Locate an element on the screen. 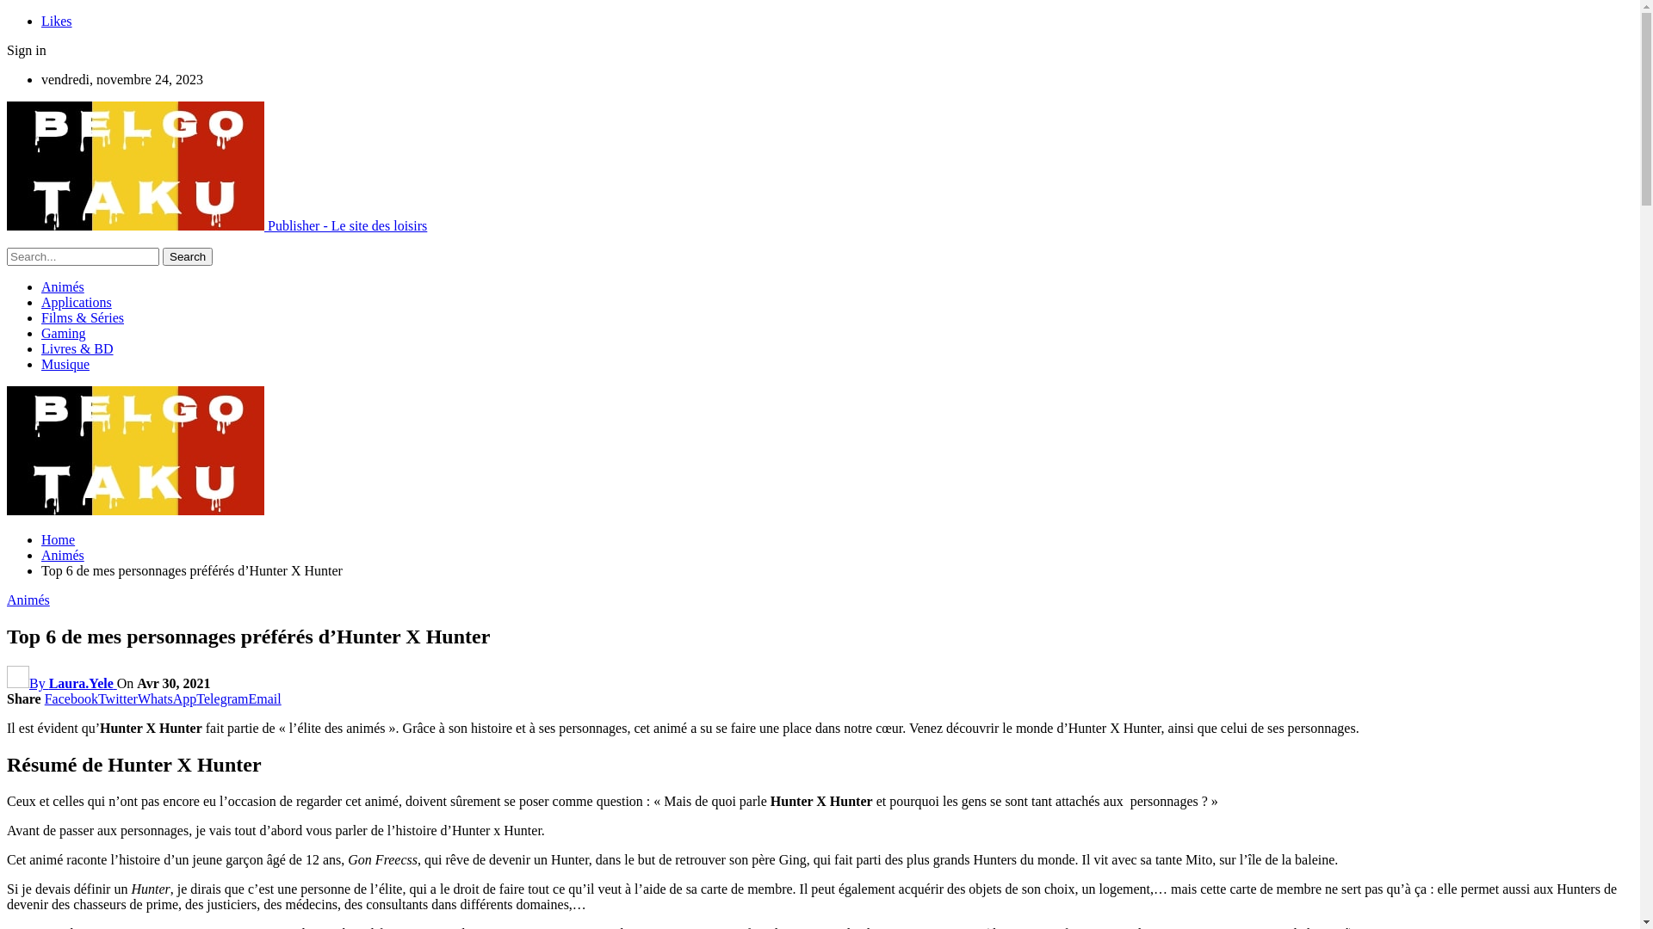 Image resolution: width=1653 pixels, height=929 pixels. 'WhatsApp' is located at coordinates (166, 698).